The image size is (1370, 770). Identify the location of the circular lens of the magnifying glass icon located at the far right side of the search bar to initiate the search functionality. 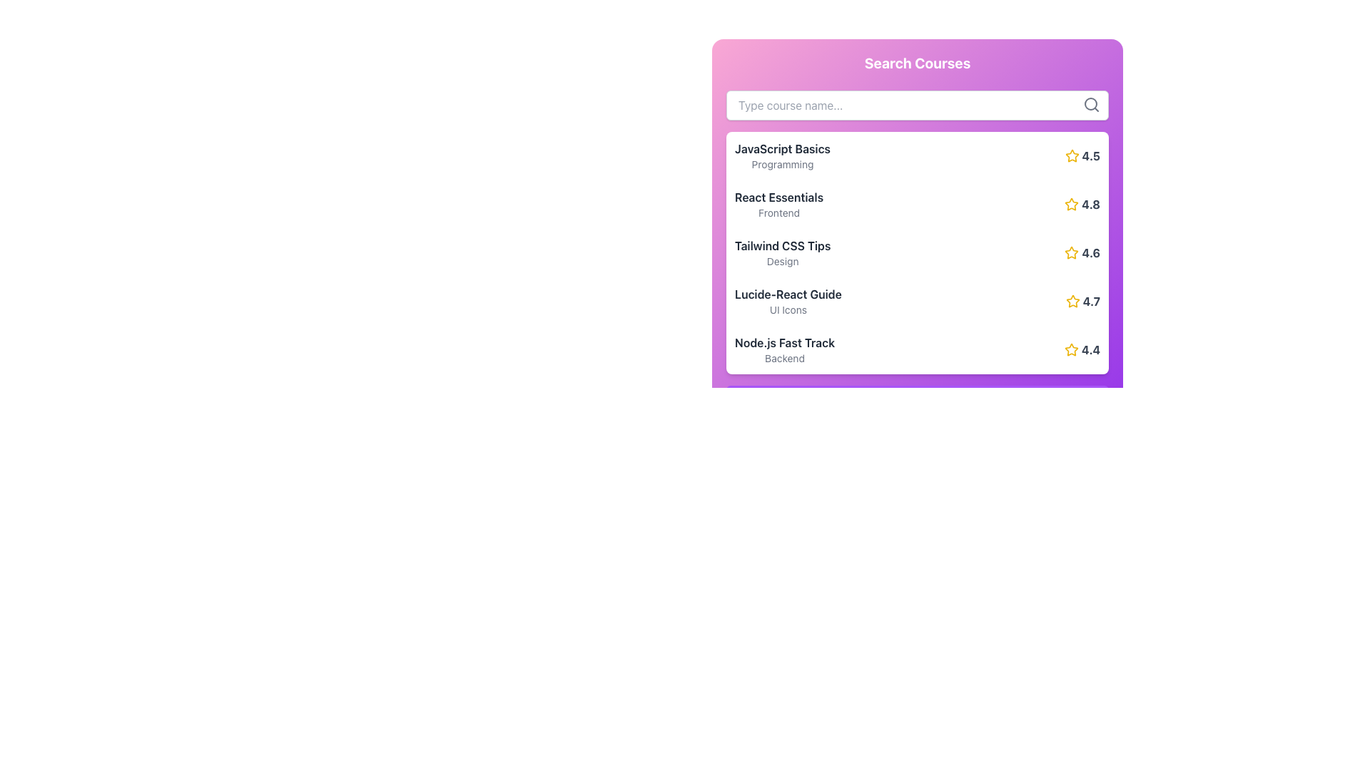
(1090, 103).